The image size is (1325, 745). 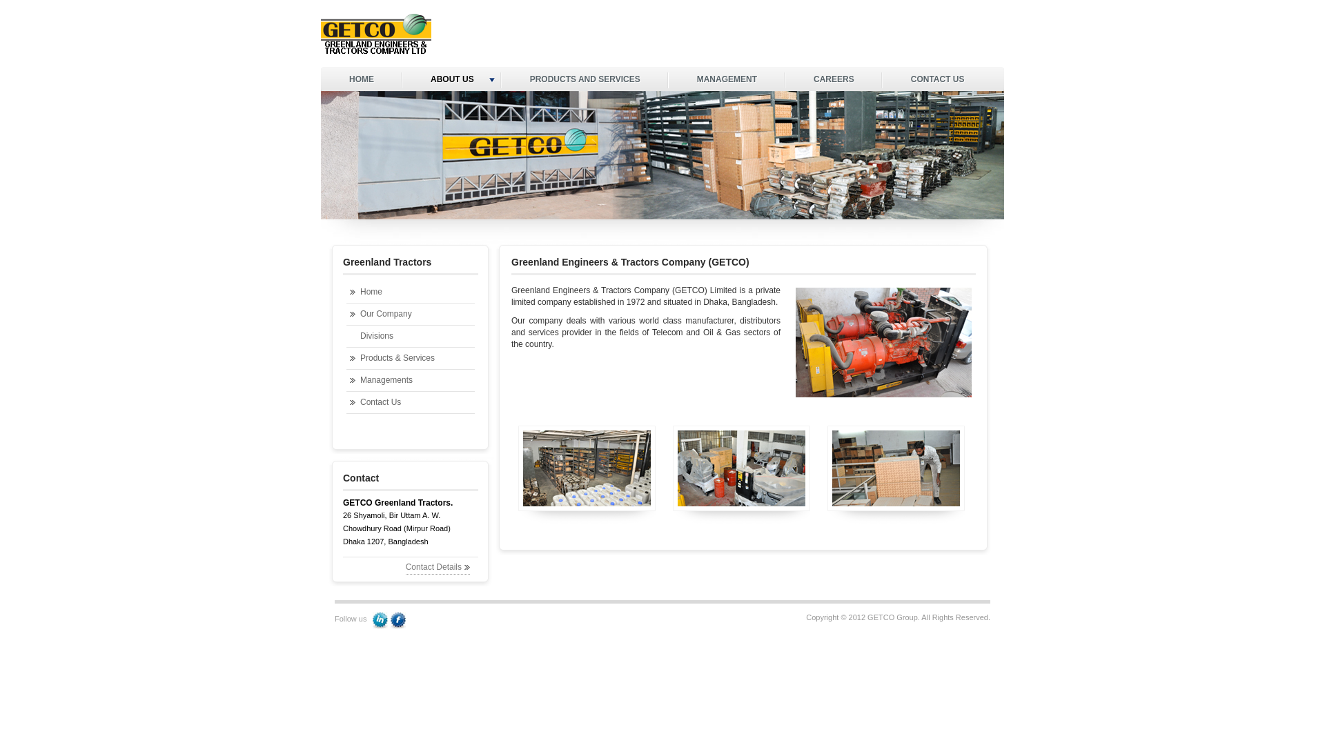 What do you see at coordinates (346, 291) in the screenshot?
I see `'Home'` at bounding box center [346, 291].